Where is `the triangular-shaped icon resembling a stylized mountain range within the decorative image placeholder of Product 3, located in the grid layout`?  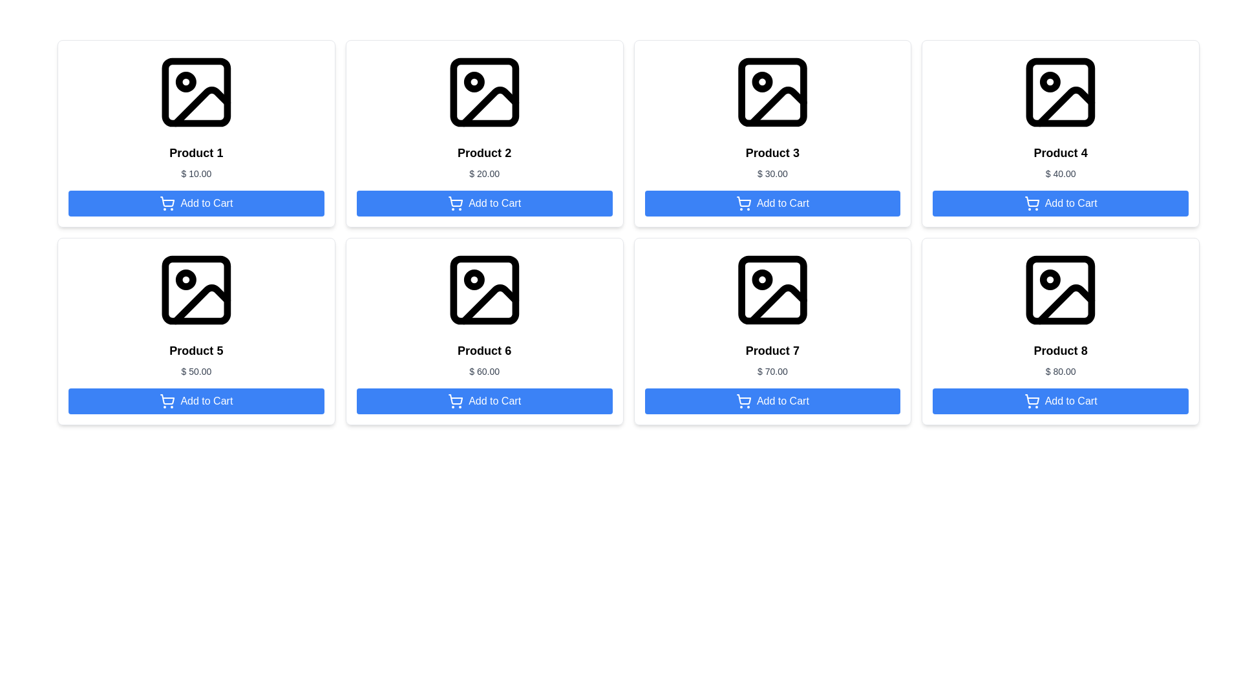 the triangular-shaped icon resembling a stylized mountain range within the decorative image placeholder of Product 3, located in the grid layout is located at coordinates (777, 106).